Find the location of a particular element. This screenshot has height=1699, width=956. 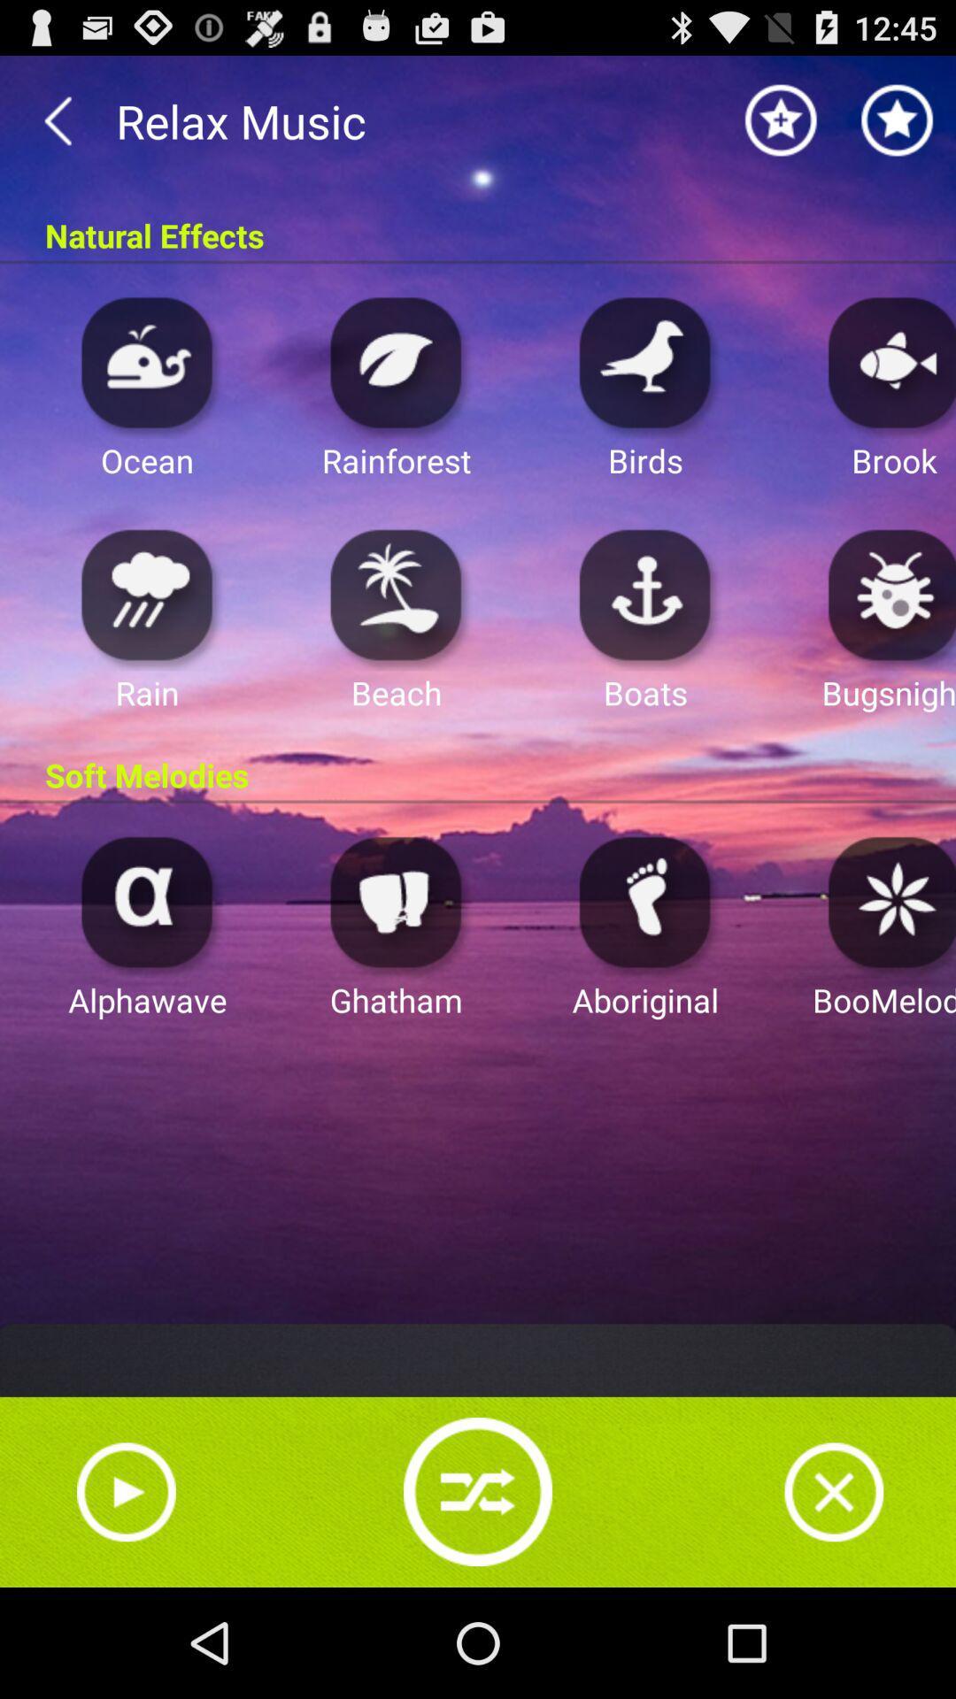

turns on a natural effects setting is located at coordinates (396, 361).